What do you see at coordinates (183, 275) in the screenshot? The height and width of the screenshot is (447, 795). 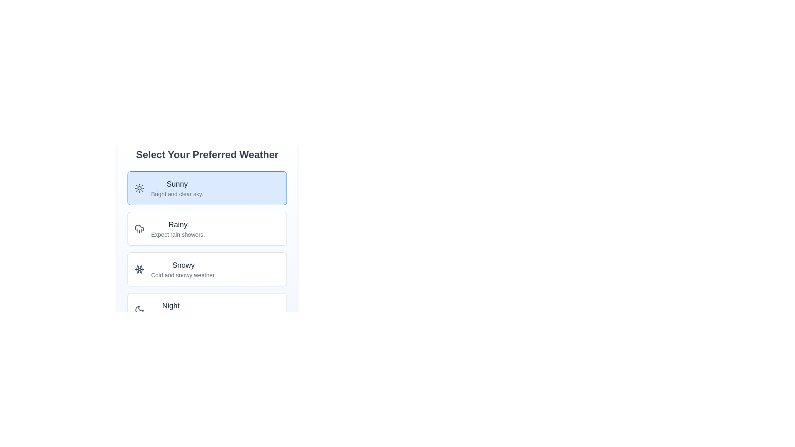 I see `the descriptive Text label for the 'Snowy' weather option located in the weather preference section, positioned below the title 'Snowy'` at bounding box center [183, 275].